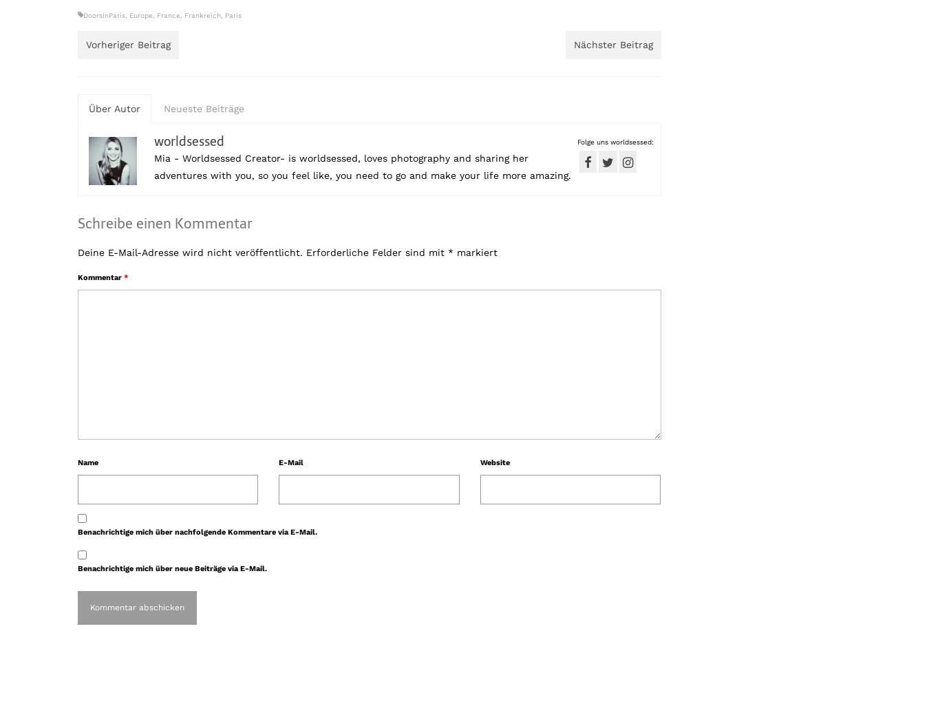  I want to click on 'France', so click(169, 14).